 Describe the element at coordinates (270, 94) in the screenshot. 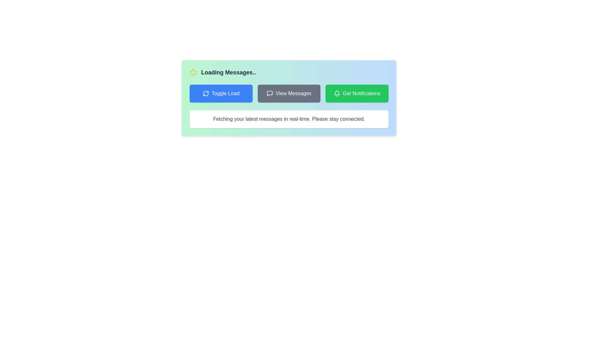

I see `the decorative graphical icon within the 'View Messages' button to visually indicate its purpose of accessing messages or notifications` at that location.